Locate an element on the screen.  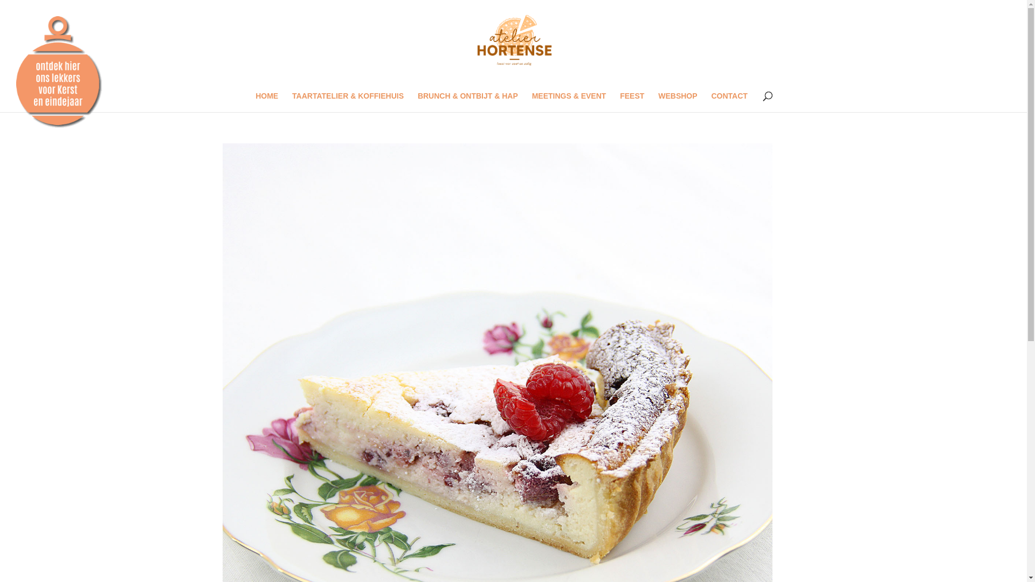
'HOME' is located at coordinates (255, 102).